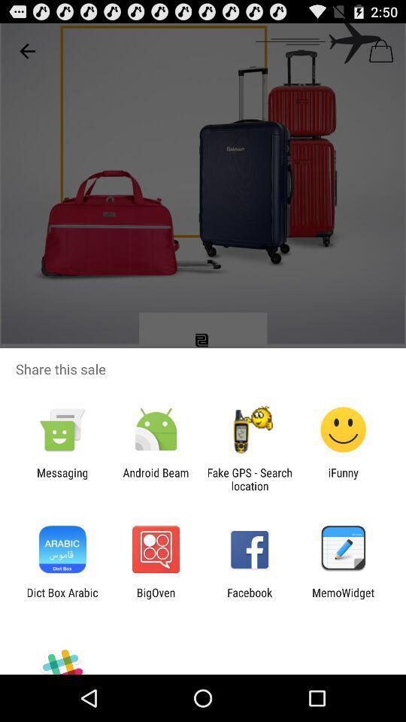 Image resolution: width=406 pixels, height=722 pixels. Describe the element at coordinates (250, 478) in the screenshot. I see `the fake gps search icon` at that location.